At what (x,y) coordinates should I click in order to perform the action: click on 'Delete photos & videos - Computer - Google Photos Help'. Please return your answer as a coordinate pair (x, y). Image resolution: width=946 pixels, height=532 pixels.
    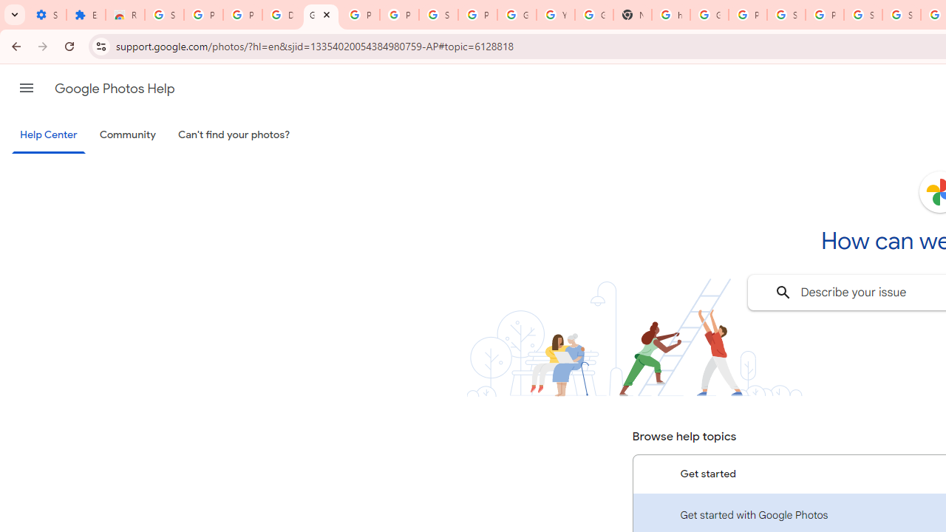
    Looking at the image, I should click on (282, 15).